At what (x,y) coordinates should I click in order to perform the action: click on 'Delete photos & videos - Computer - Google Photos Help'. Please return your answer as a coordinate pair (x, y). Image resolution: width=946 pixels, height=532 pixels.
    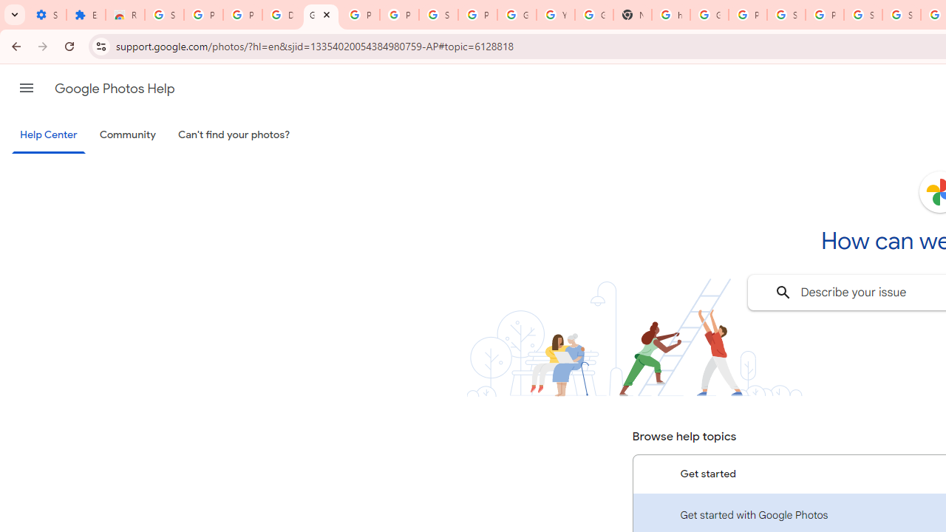
    Looking at the image, I should click on (282, 15).